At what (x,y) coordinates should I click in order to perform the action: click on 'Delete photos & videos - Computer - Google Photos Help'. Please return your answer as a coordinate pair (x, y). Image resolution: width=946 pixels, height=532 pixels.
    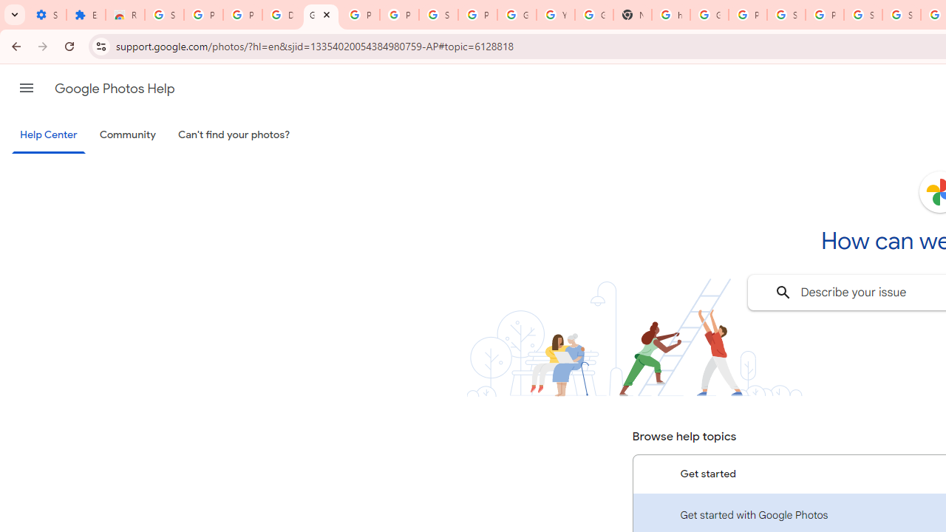
    Looking at the image, I should click on (282, 15).